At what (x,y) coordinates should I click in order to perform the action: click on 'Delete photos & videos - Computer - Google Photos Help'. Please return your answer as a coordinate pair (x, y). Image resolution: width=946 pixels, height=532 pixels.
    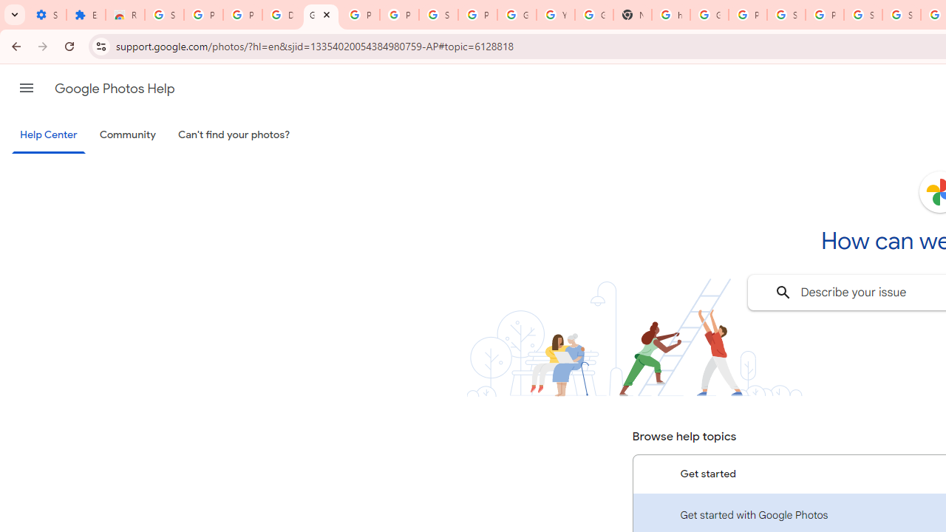
    Looking at the image, I should click on (282, 15).